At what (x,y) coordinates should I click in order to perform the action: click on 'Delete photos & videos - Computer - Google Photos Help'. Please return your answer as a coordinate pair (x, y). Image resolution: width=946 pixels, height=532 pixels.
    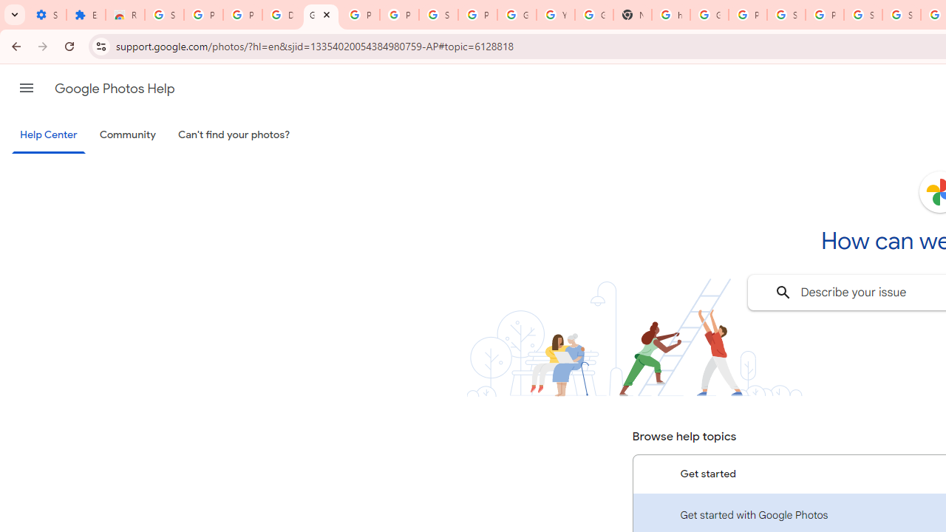
    Looking at the image, I should click on (282, 15).